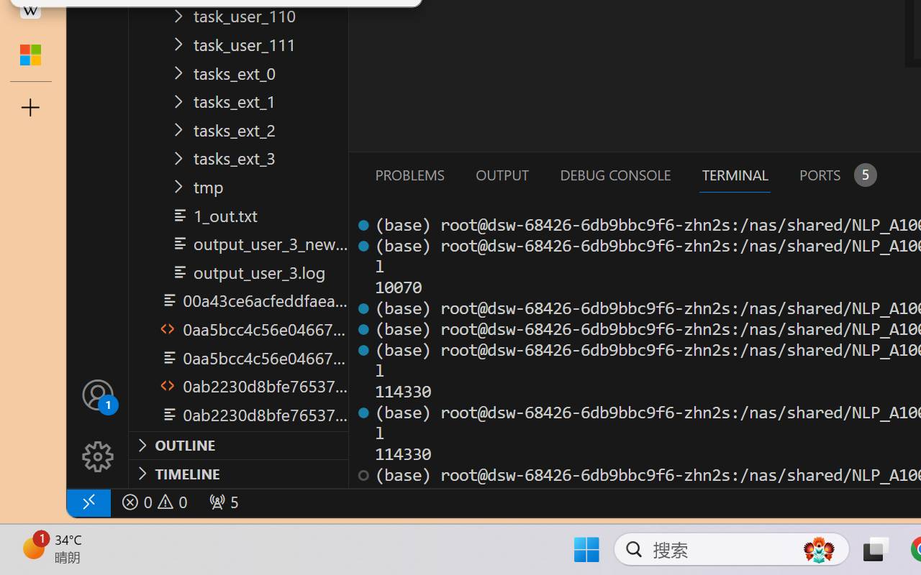 The width and height of the screenshot is (921, 575). Describe the element at coordinates (501, 174) in the screenshot. I see `'Output (Ctrl+Shift+U)'` at that location.